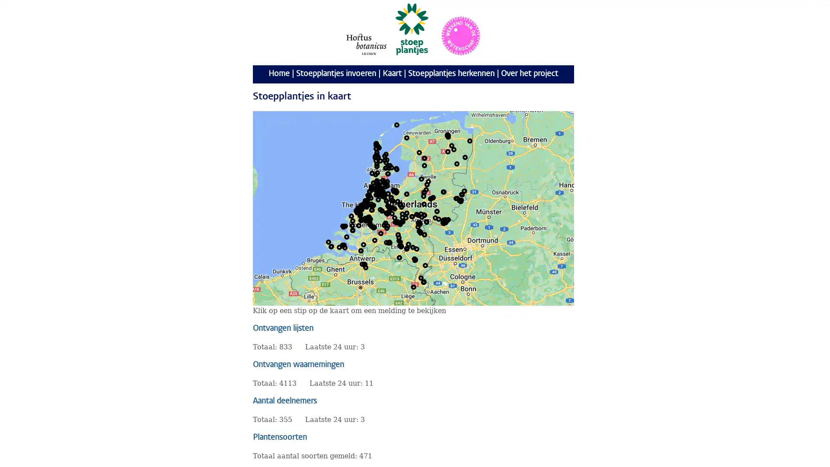 The height and width of the screenshot is (467, 830). Describe the element at coordinates (366, 205) in the screenshot. I see `Telling van Anneloes op 22 juni 2022` at that location.